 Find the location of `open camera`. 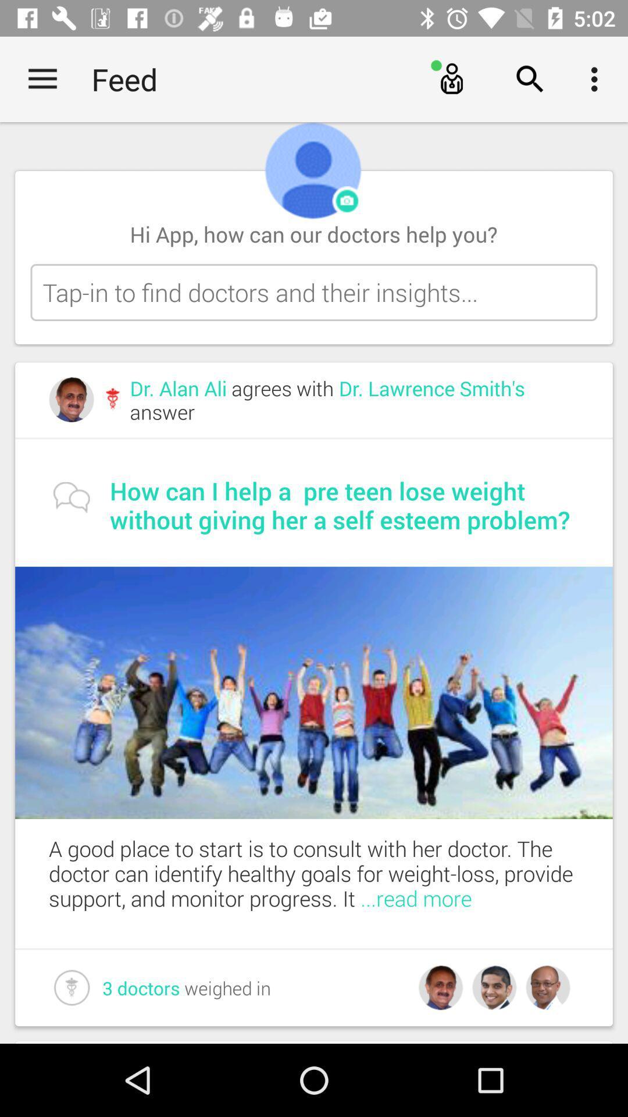

open camera is located at coordinates (347, 201).